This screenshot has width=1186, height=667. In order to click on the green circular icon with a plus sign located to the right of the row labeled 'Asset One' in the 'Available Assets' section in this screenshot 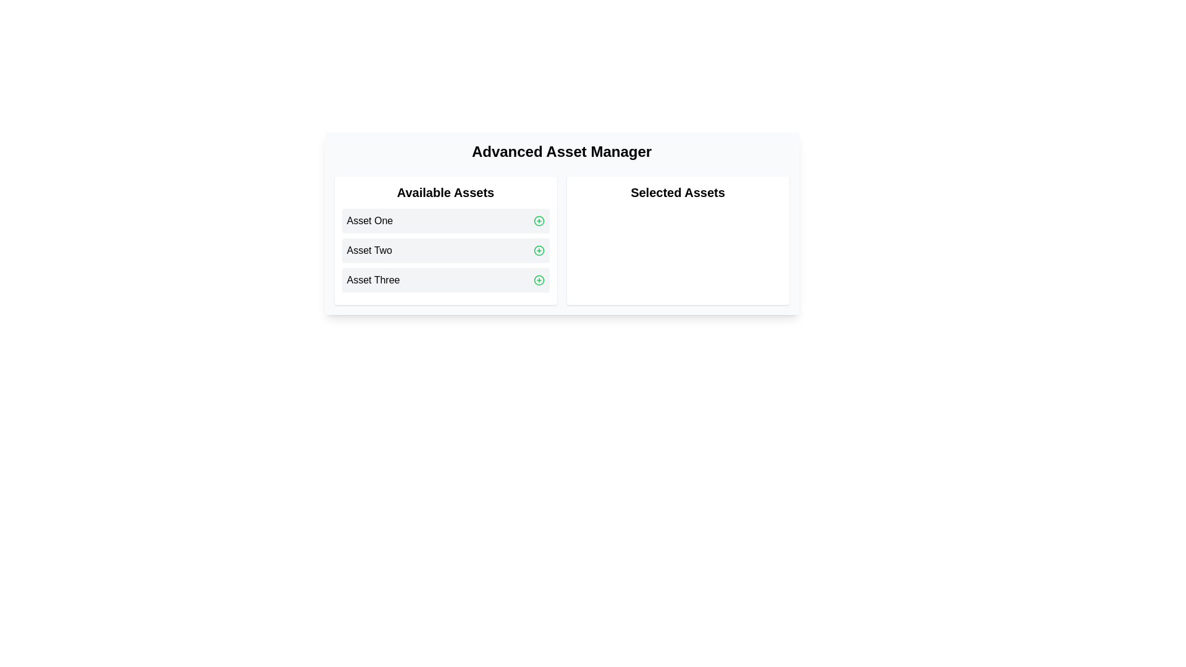, I will do `click(539, 220)`.